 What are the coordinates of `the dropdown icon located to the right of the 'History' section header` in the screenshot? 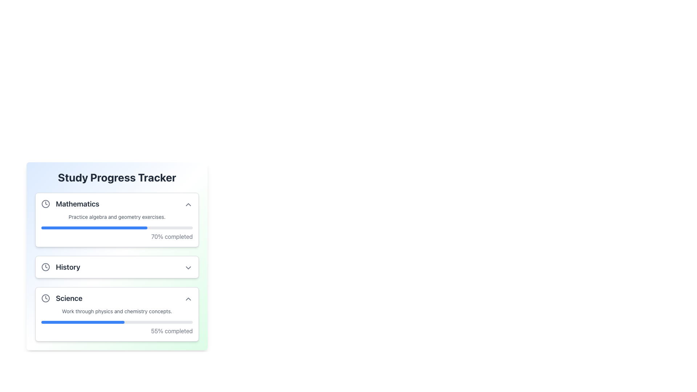 It's located at (188, 268).